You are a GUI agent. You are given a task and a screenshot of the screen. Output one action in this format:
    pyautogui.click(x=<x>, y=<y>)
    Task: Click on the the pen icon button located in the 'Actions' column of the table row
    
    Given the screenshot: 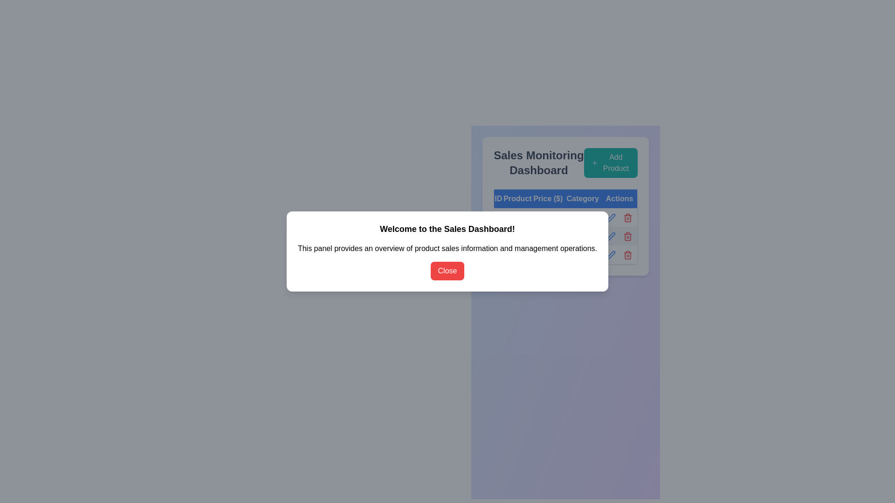 What is the action you would take?
    pyautogui.click(x=611, y=236)
    